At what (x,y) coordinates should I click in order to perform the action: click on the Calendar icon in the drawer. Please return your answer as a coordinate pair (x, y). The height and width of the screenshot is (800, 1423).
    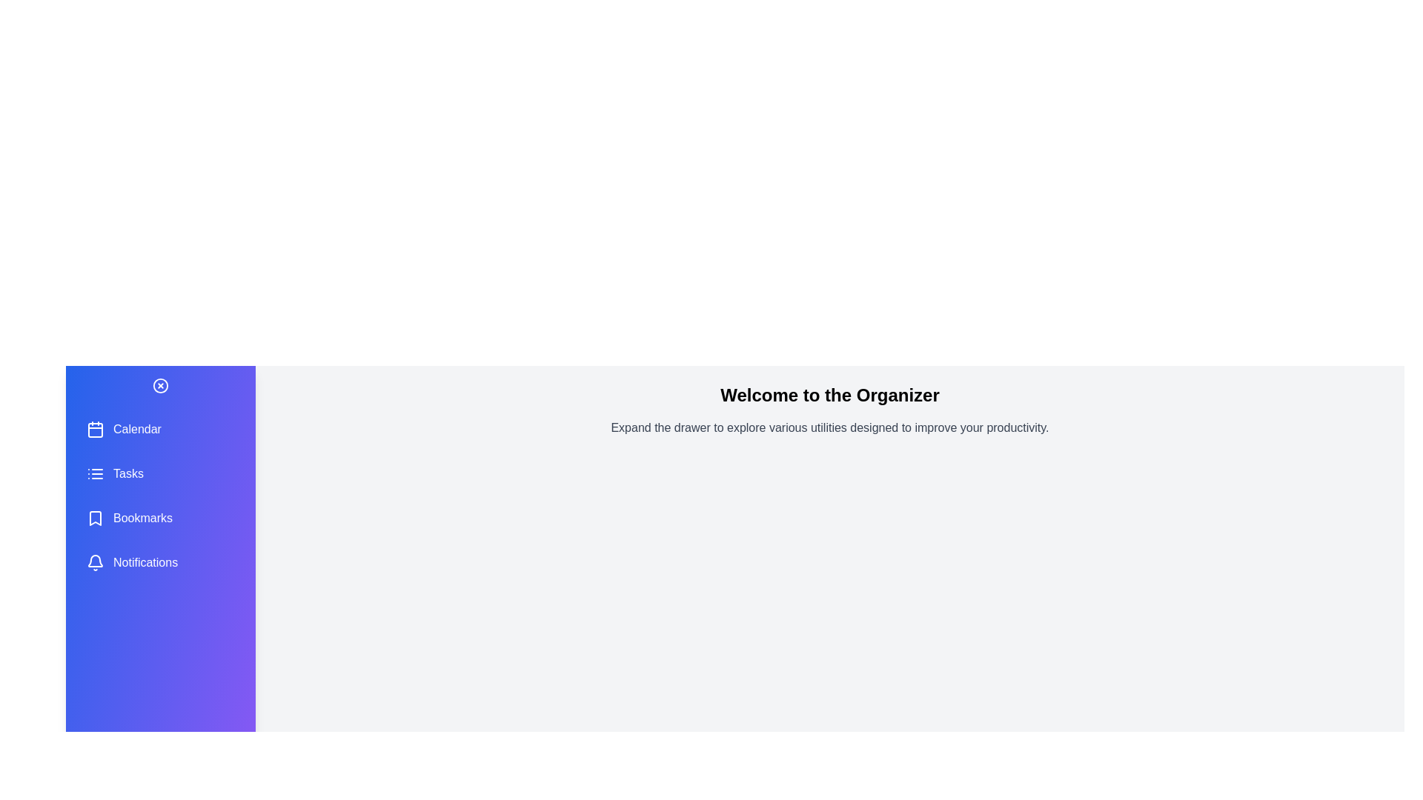
    Looking at the image, I should click on (95, 429).